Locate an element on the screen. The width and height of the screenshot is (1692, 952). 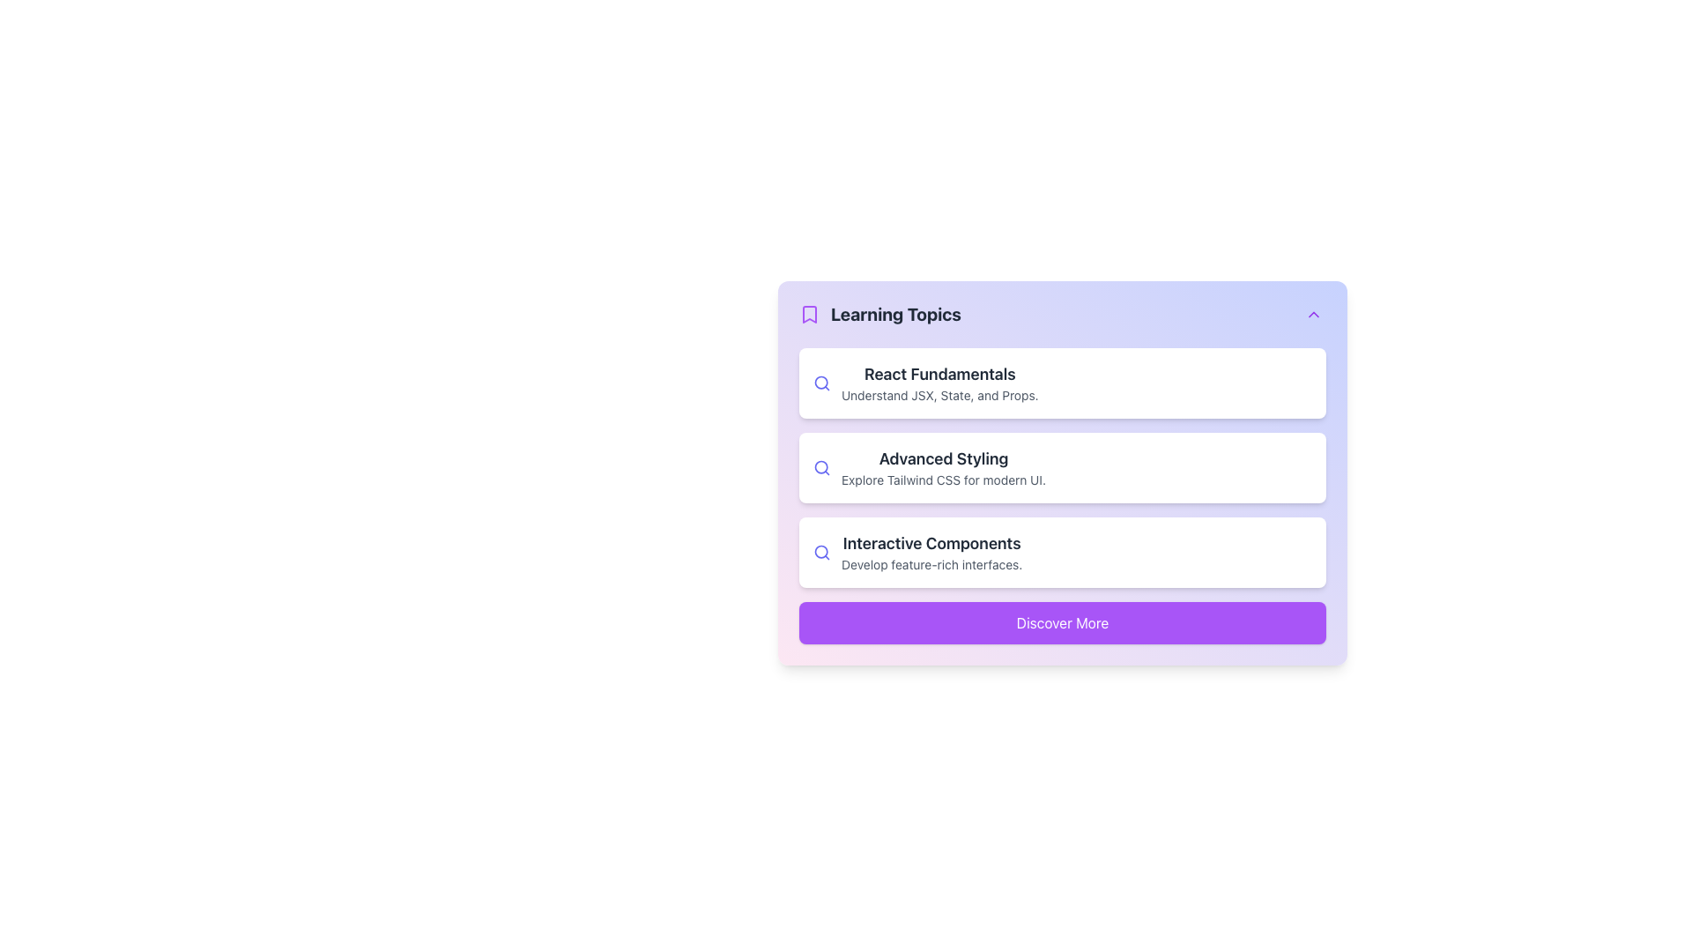
the search icon, which is a magnifying glass with a circular lens and a thin indigo outline, located to the left of the 'Advanced Styling' text in the 'Learning Topics' section is located at coordinates (820, 467).